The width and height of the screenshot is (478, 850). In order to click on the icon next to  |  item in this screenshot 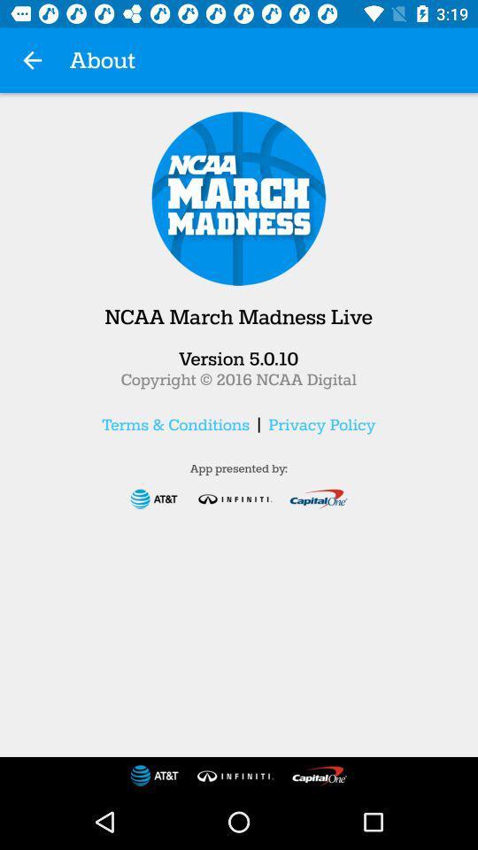, I will do `click(320, 424)`.